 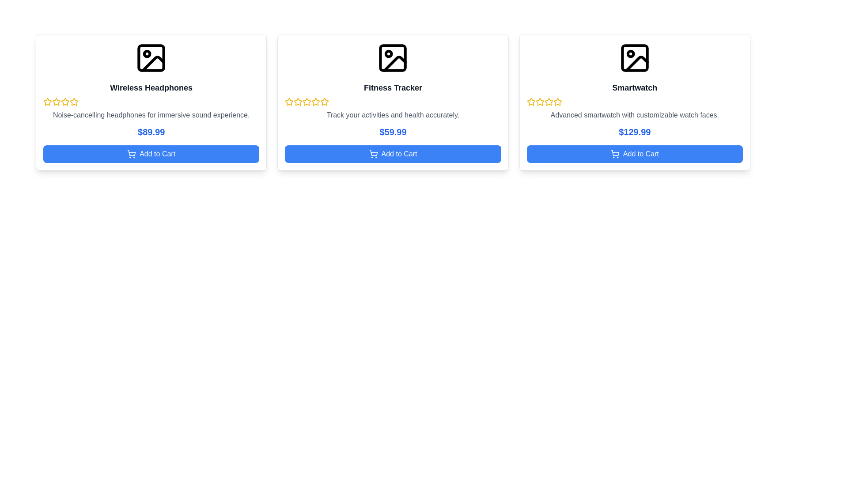 I want to click on the graphical marker located within the leftmost product card titled 'Wireless Headphones,' which is positioned inside the image icon at the top of the card, near the upper-left corner of the icon, so click(x=147, y=54).